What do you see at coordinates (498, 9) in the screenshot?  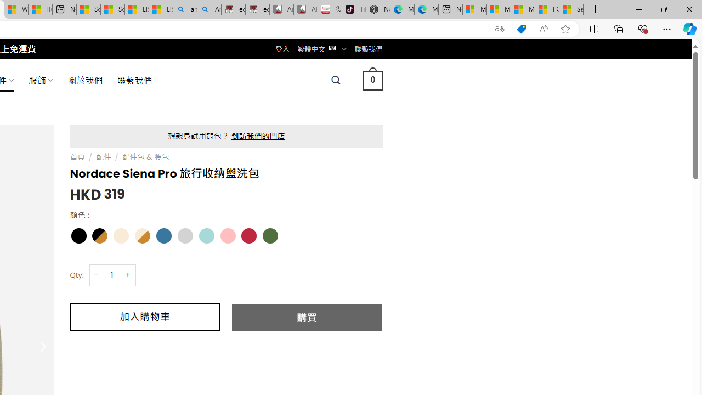 I see `'Microsoft account | Privacy'` at bounding box center [498, 9].